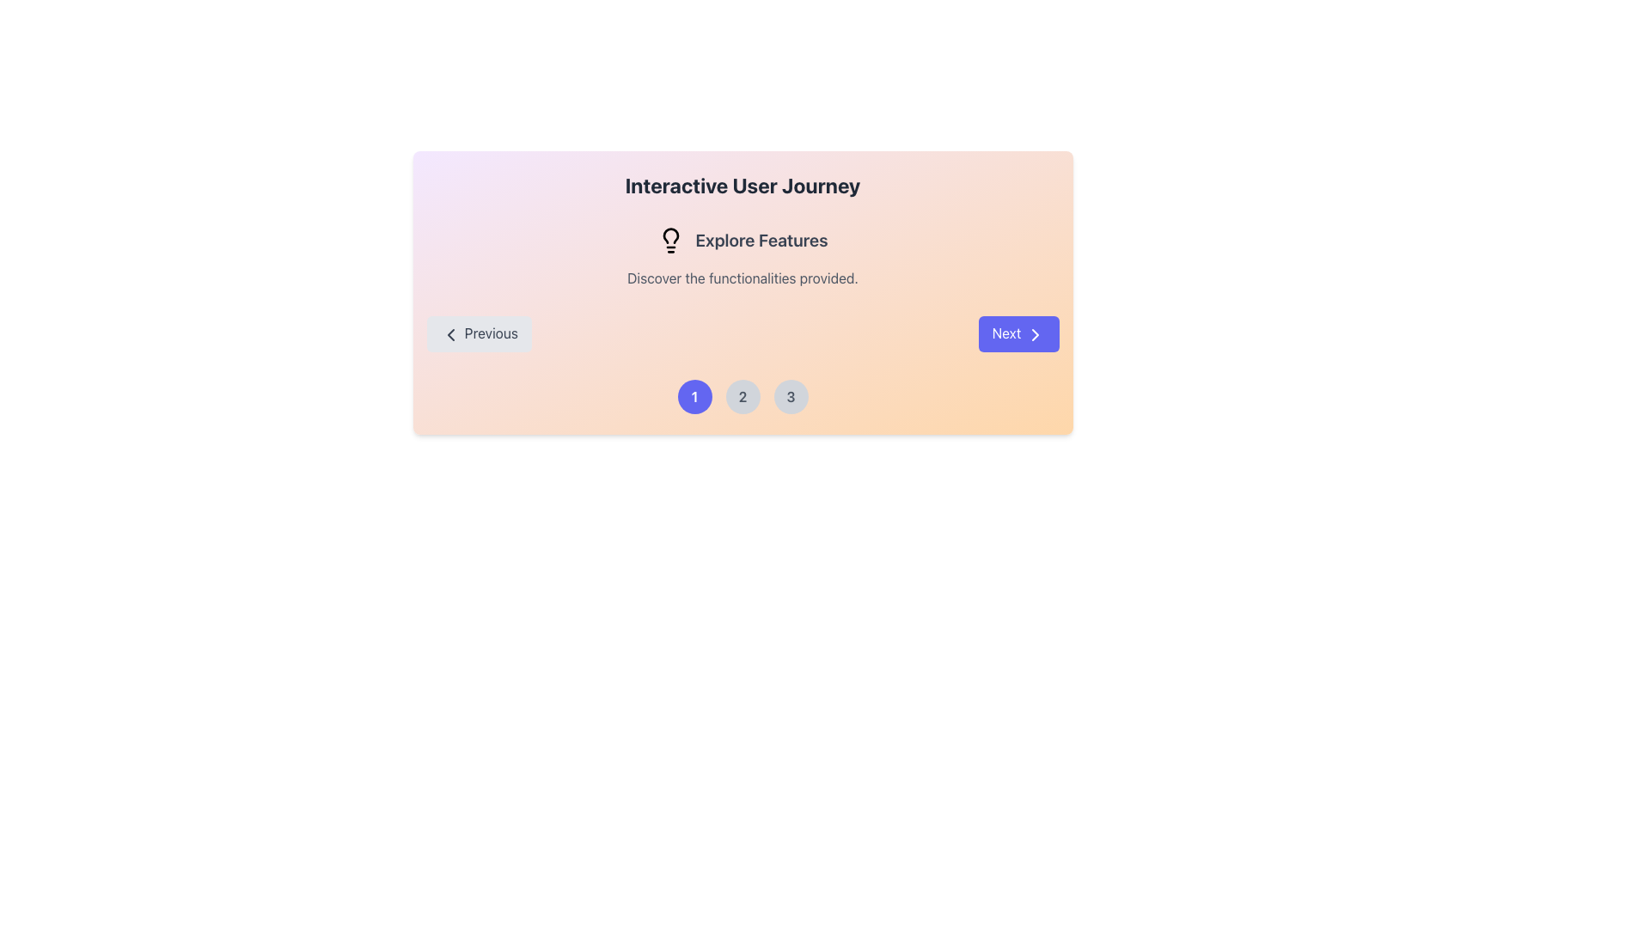  Describe the element at coordinates (694, 396) in the screenshot. I see `the circular button with a blue background and white numeral '1'` at that location.